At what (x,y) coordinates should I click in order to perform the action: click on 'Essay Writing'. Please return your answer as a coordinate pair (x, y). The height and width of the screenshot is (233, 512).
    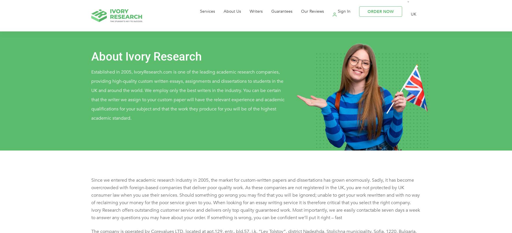
    Looking at the image, I should click on (207, 55).